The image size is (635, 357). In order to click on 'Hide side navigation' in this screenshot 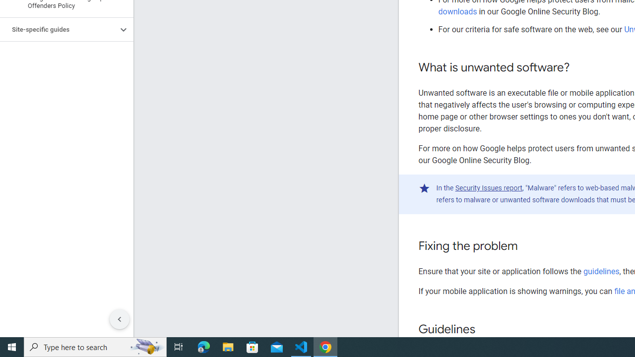, I will do `click(119, 319)`.